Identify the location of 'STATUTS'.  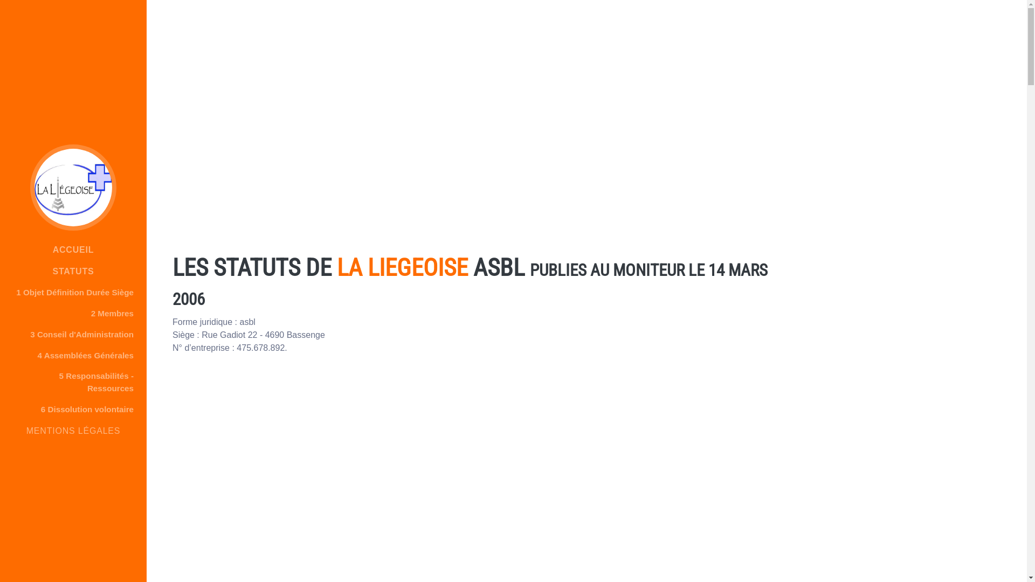
(72, 271).